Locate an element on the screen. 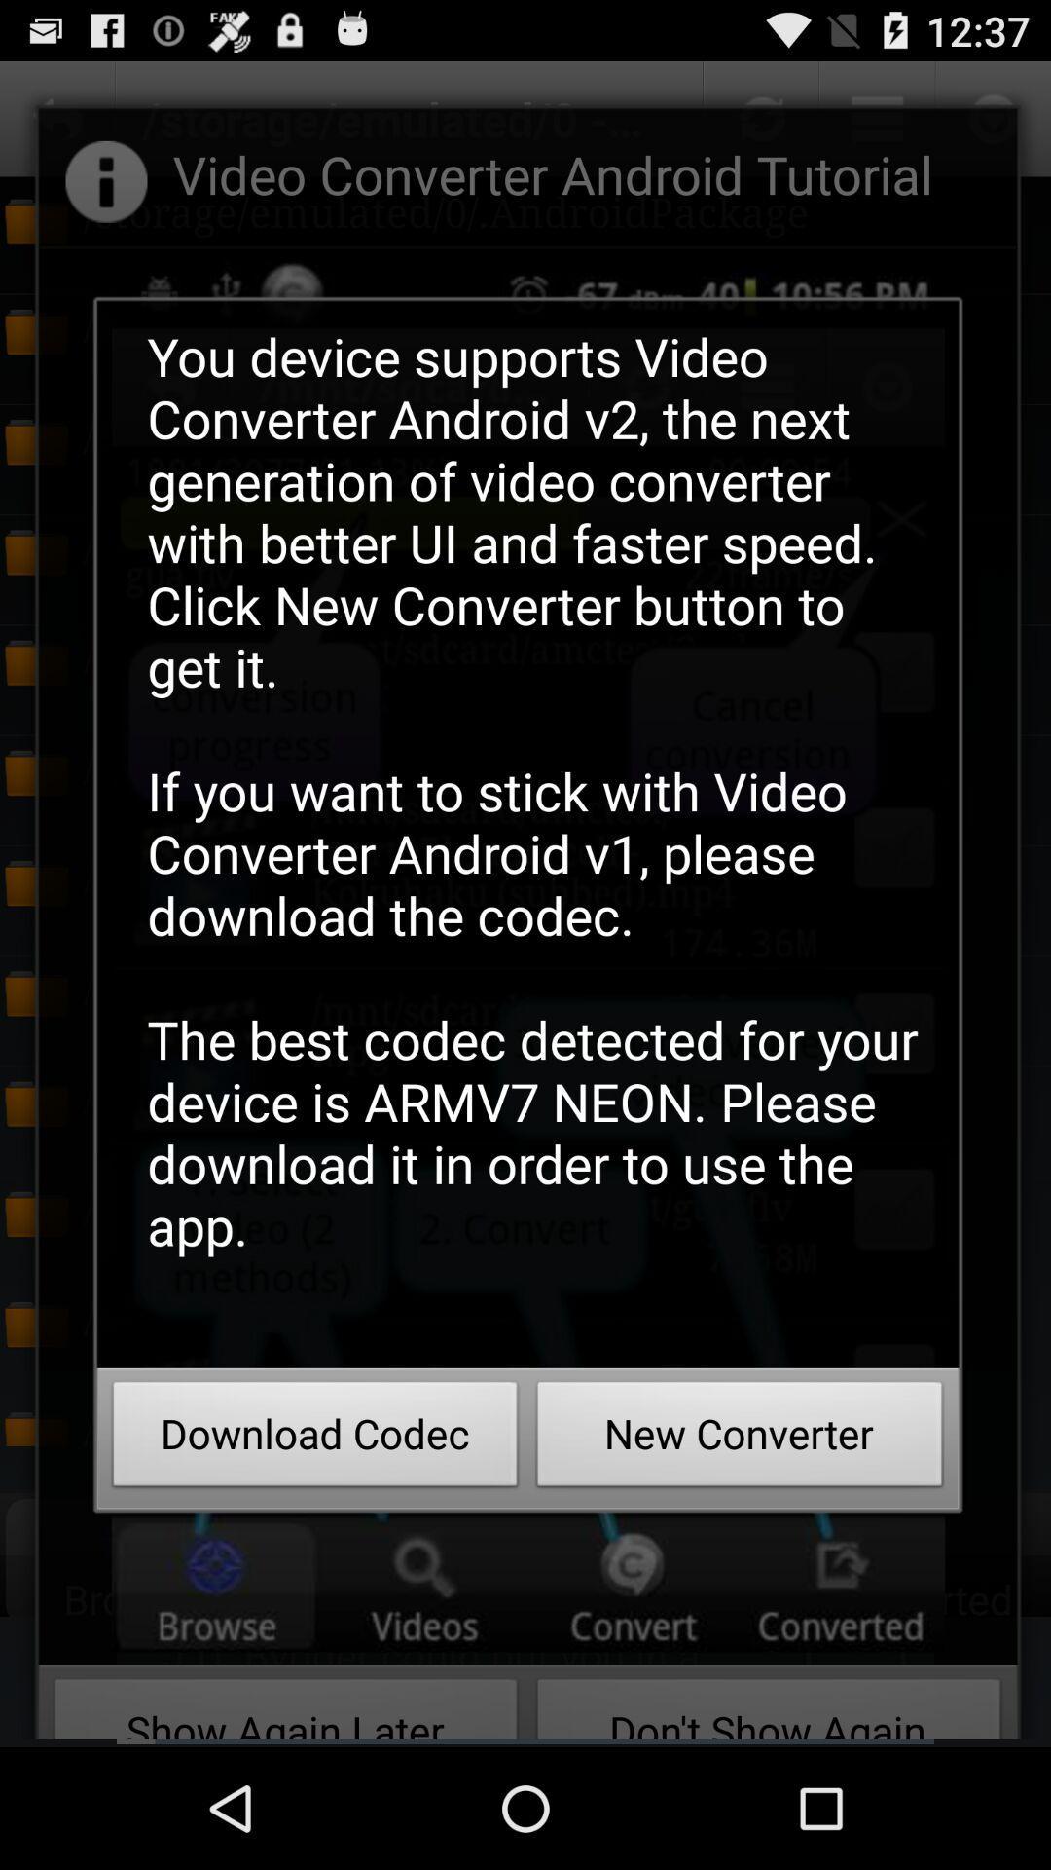 This screenshot has height=1870, width=1051. download codec at the bottom left corner is located at coordinates (314, 1440).